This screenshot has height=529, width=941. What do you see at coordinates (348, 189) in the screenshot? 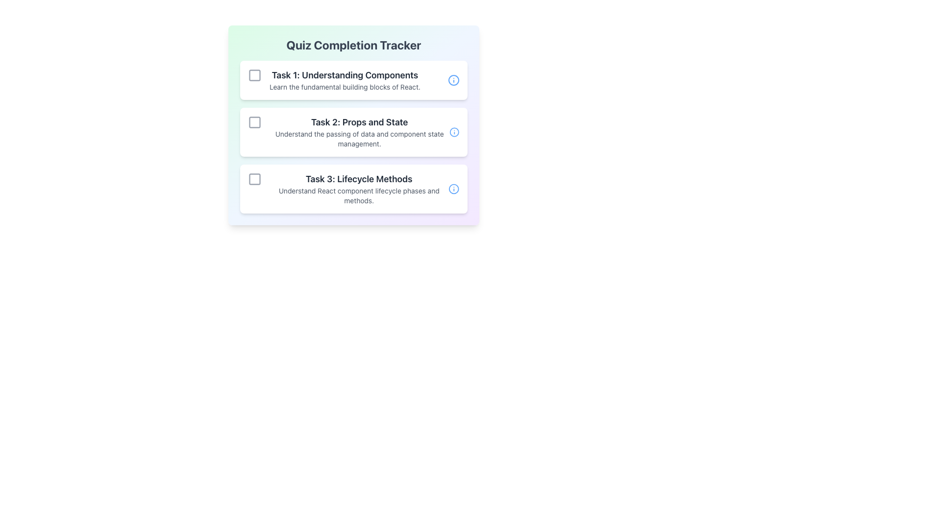
I see `the text-based static UI element located below the heading 'Task 3: Lifecycle Methods' in the 'Quiz Completion Tracker'` at bounding box center [348, 189].